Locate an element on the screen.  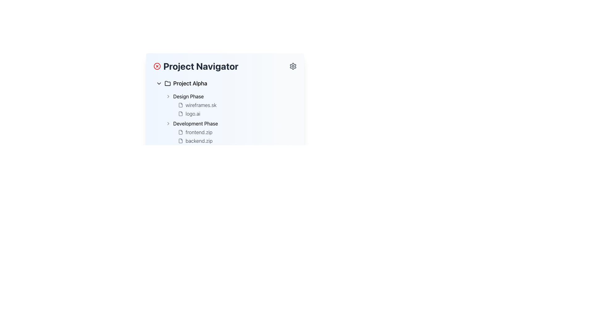
the gear-shaped icon located in the top-right corner of the 'Project Navigator' is located at coordinates (293, 66).